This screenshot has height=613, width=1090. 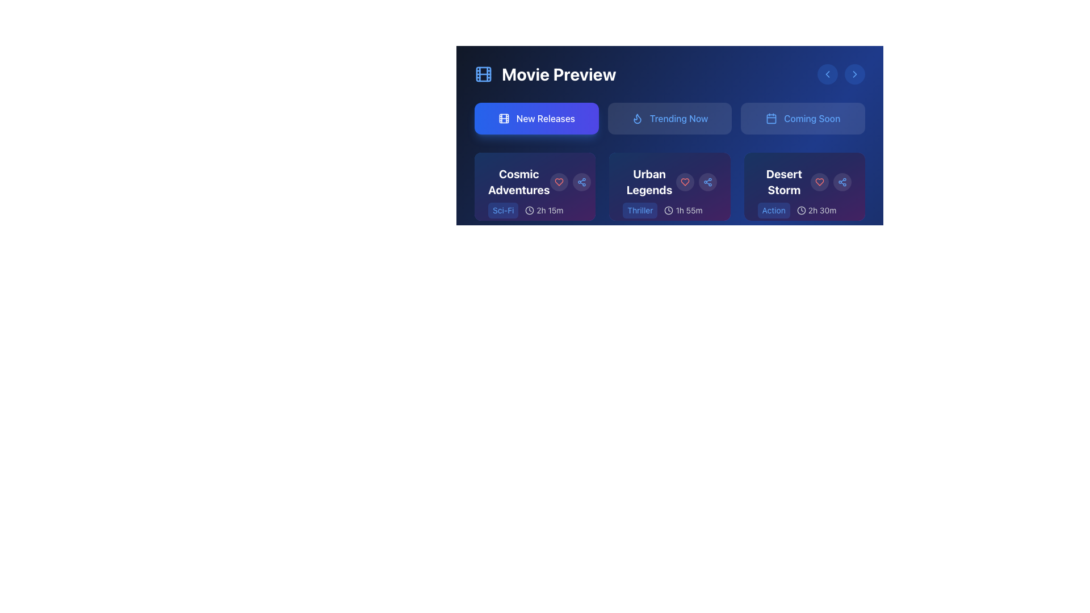 I want to click on displayed information from the text label showing '2h 30m' with a clock icon, which is located centrally within the card for 'Desert Storm' near the bottom edge, so click(x=816, y=210).